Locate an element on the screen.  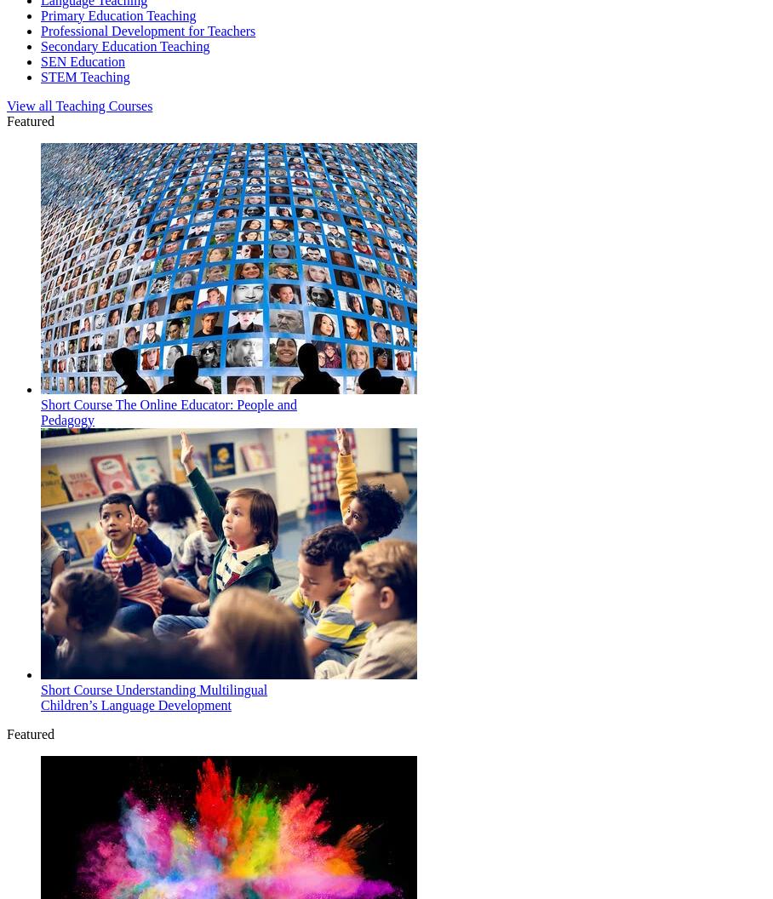
'Professional Development for Teachers' is located at coordinates (146, 30).